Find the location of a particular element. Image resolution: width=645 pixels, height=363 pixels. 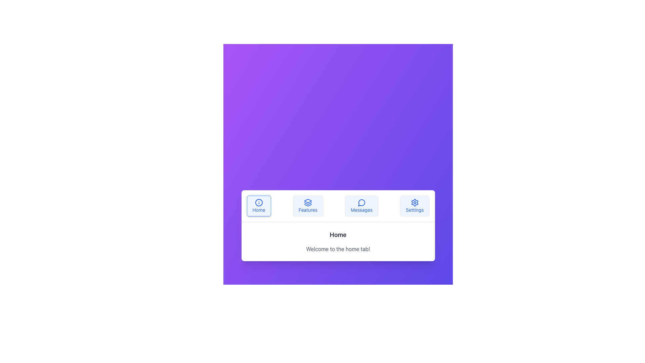

the 'Features' icon located in the second button from the left in the bottom navigation bar to interact with it is located at coordinates (307, 202).